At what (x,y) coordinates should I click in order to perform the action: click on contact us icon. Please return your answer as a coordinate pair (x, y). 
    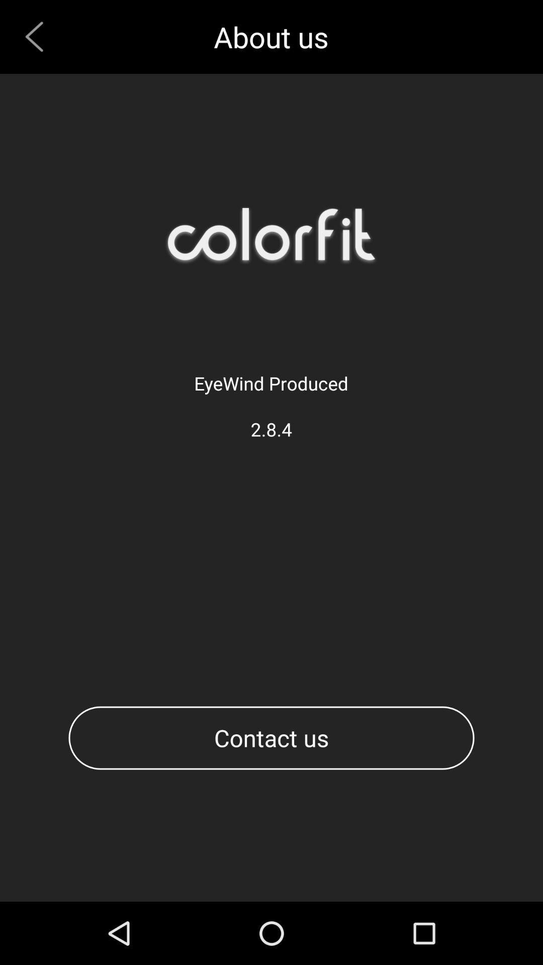
    Looking at the image, I should click on (271, 738).